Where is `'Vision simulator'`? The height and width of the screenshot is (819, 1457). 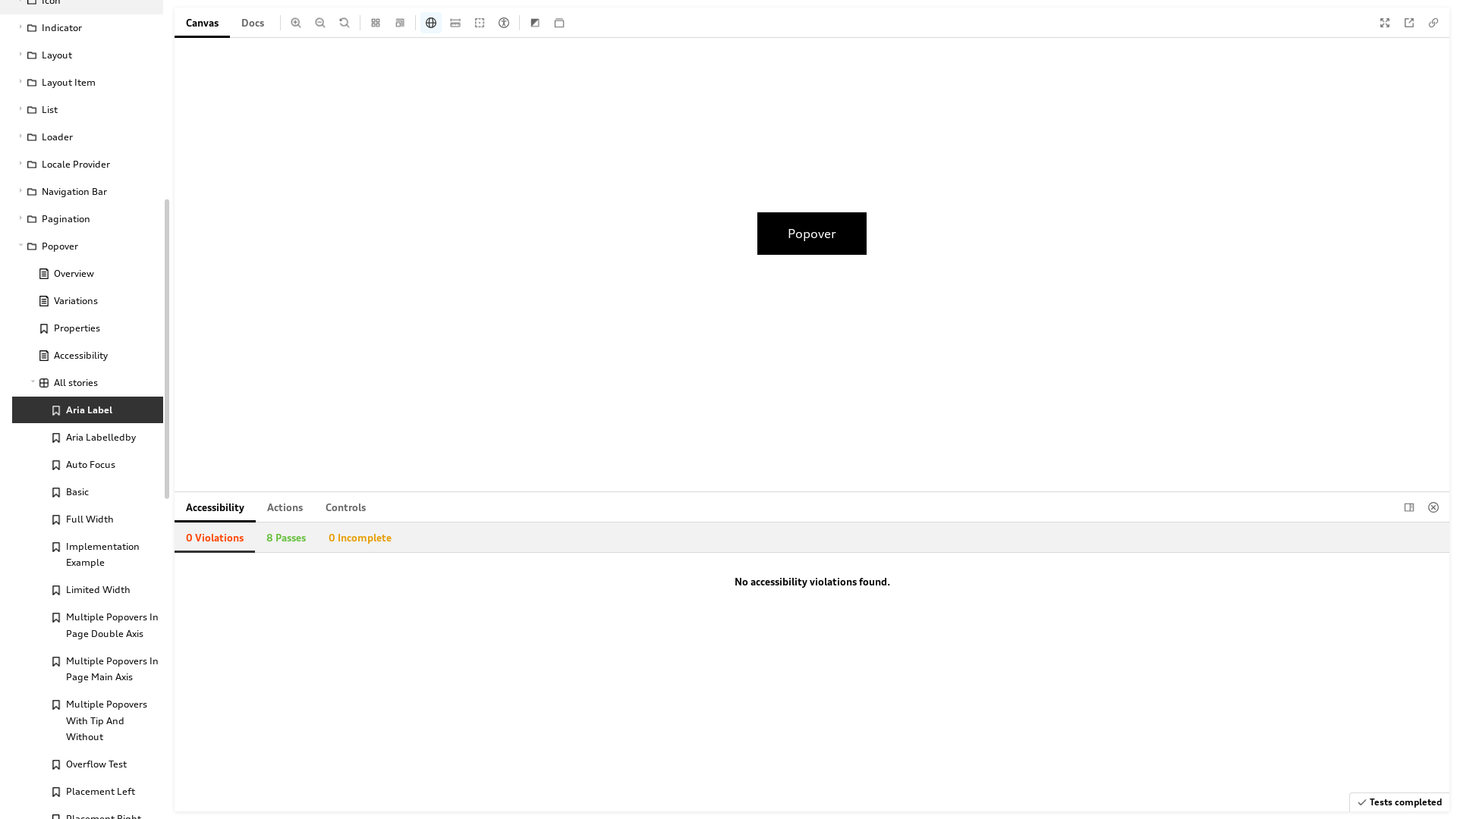
'Vision simulator' is located at coordinates (503, 23).